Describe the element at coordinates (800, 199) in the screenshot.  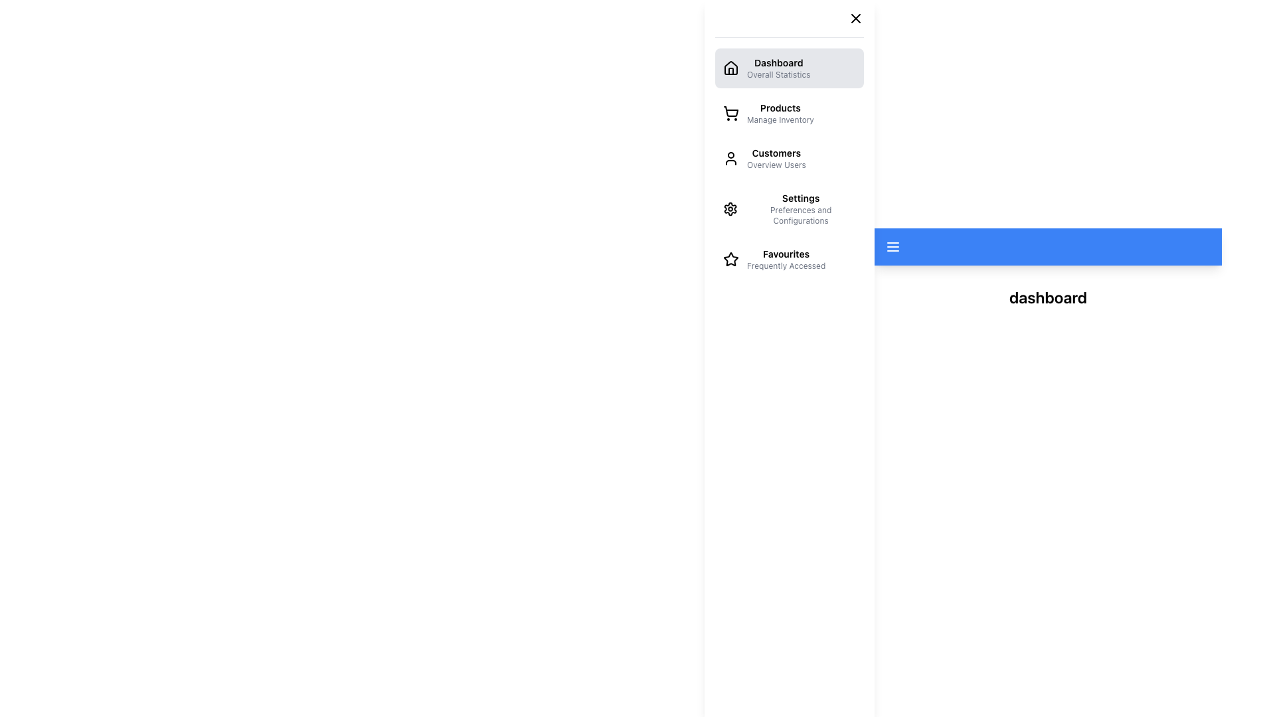
I see `the 'Settings' label in the navigation menu` at that location.